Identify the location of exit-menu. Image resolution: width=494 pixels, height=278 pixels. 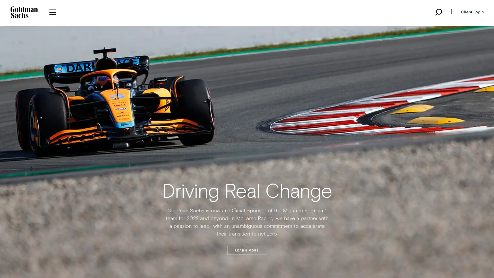
(257, 15).